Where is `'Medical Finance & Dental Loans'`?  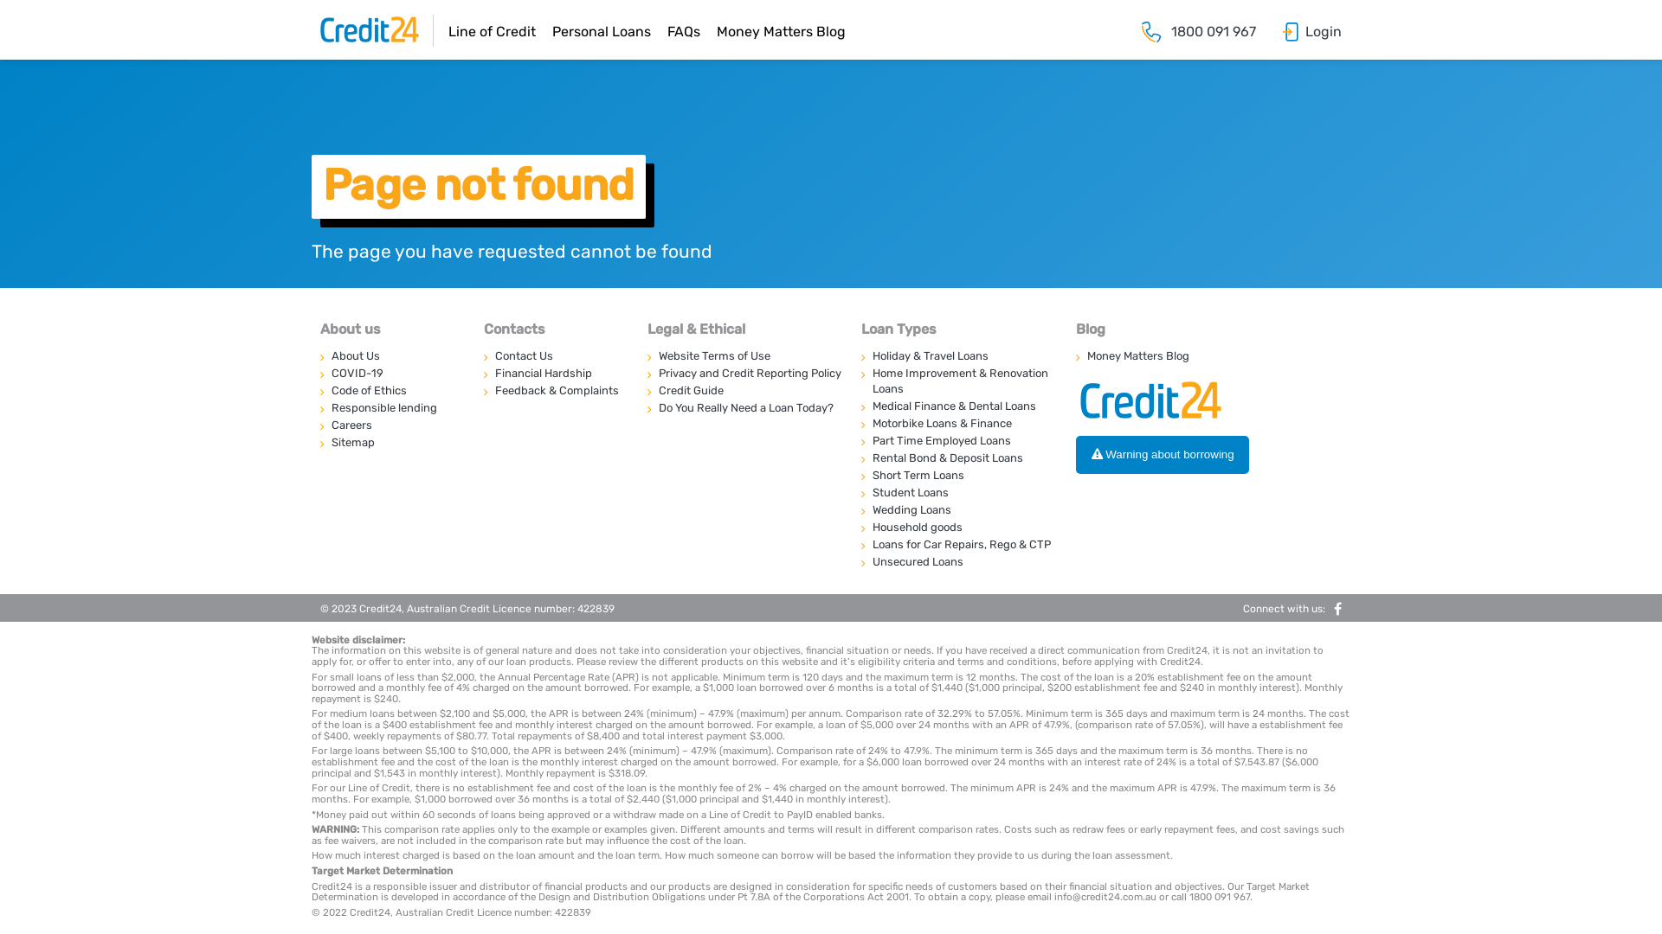
'Medical Finance & Dental Loans' is located at coordinates (860, 406).